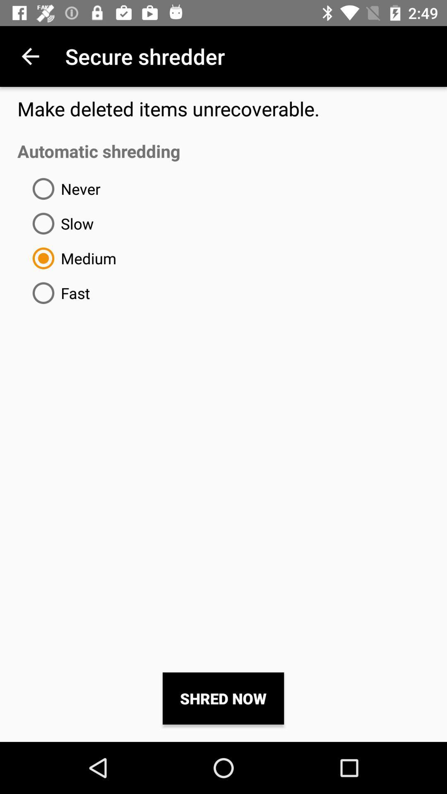 This screenshot has width=447, height=794. Describe the element at coordinates (58, 293) in the screenshot. I see `the fast item` at that location.